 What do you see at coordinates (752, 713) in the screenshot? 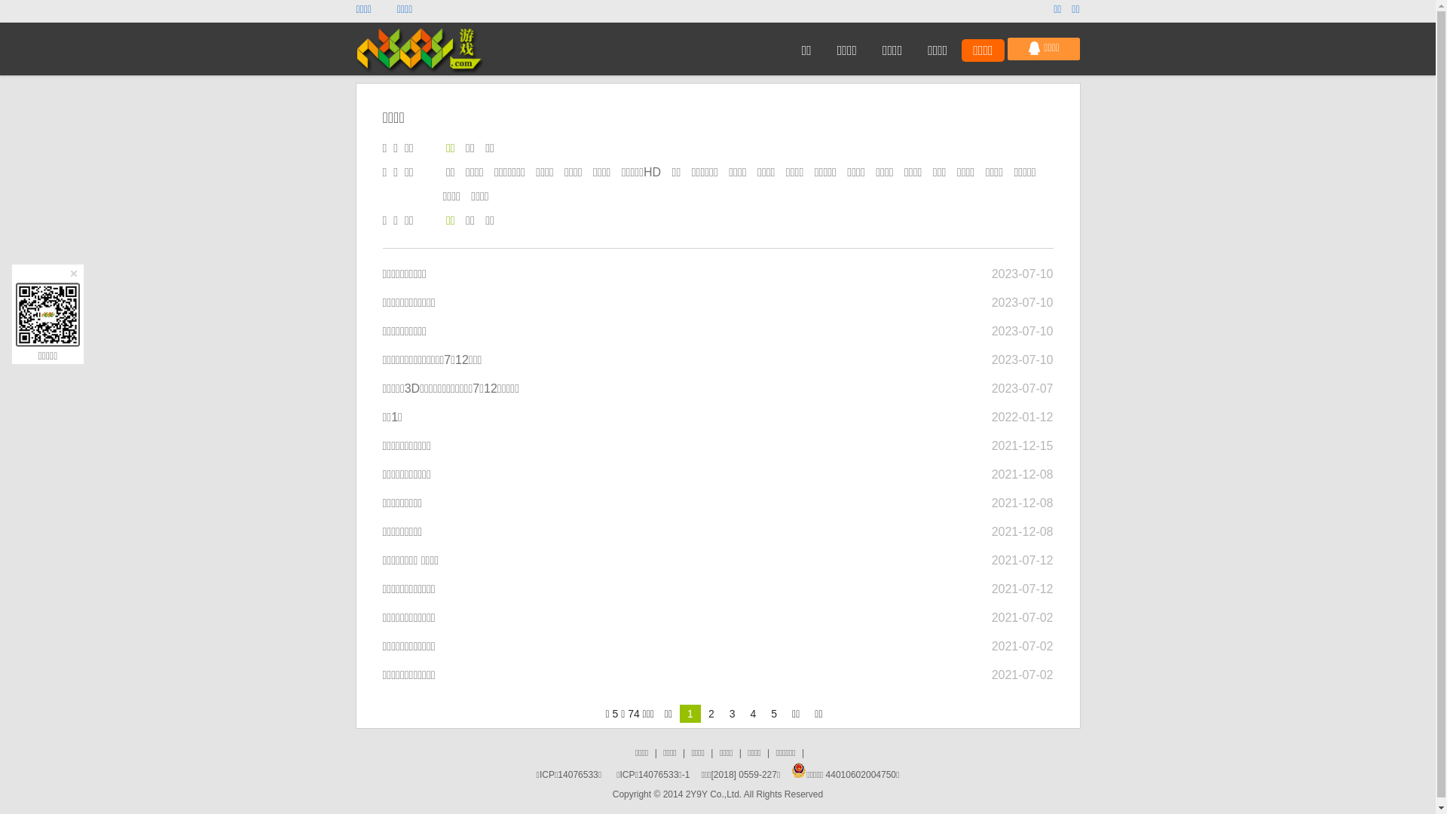
I see `'4'` at bounding box center [752, 713].